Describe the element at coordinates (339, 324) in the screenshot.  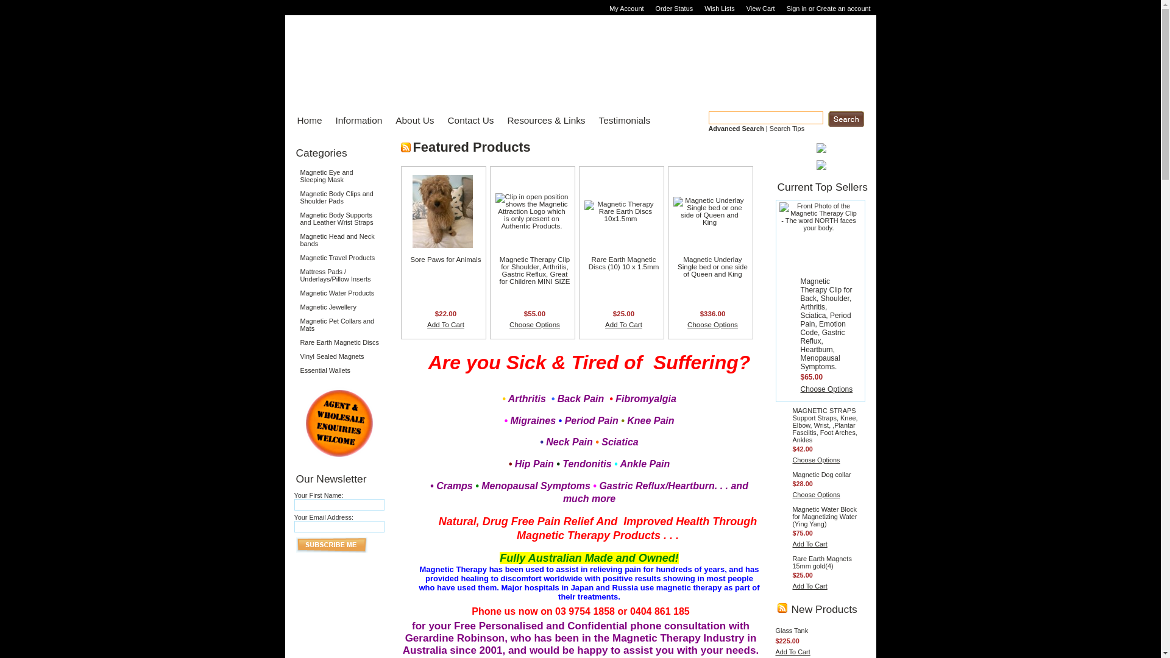
I see `'Magnetic Pet Collars and Mats'` at that location.